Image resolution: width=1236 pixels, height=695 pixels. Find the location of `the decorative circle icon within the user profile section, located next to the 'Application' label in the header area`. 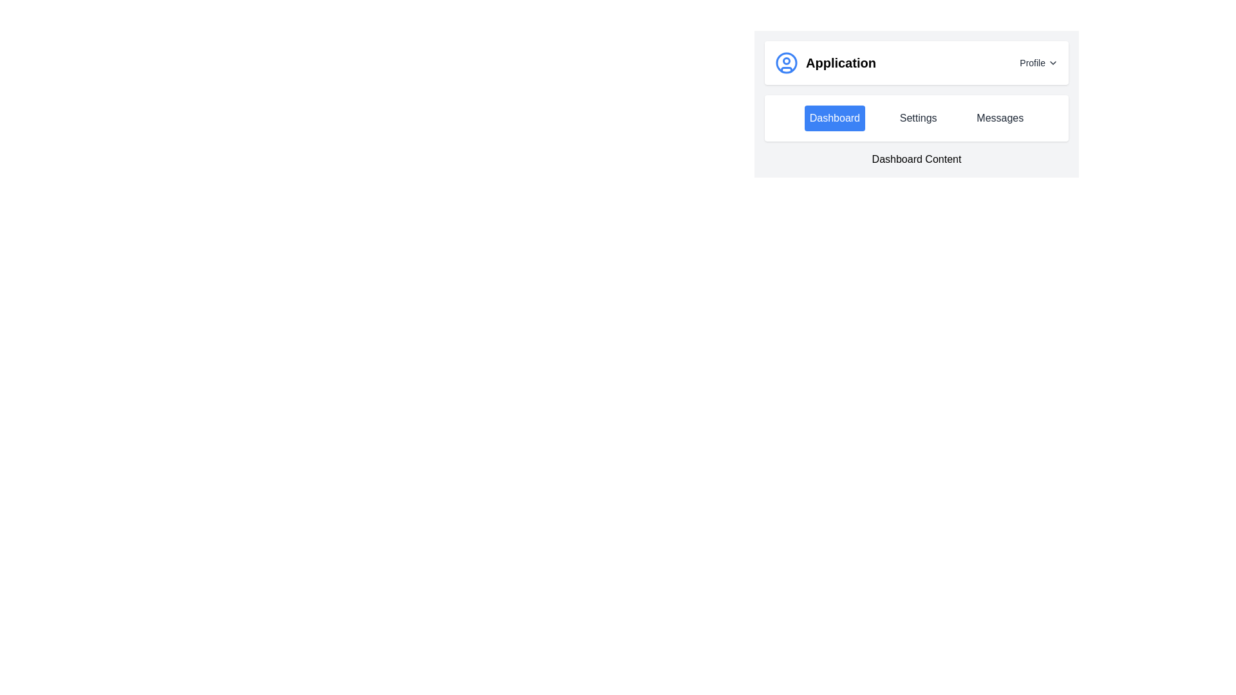

the decorative circle icon within the user profile section, located next to the 'Application' label in the header area is located at coordinates (786, 61).